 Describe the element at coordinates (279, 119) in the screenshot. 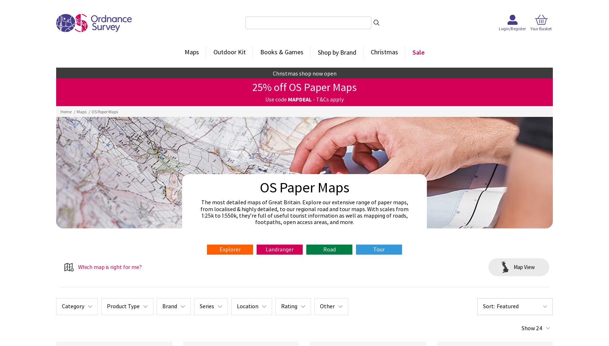

I see `'Perfect for cycling and longer routes.'` at that location.